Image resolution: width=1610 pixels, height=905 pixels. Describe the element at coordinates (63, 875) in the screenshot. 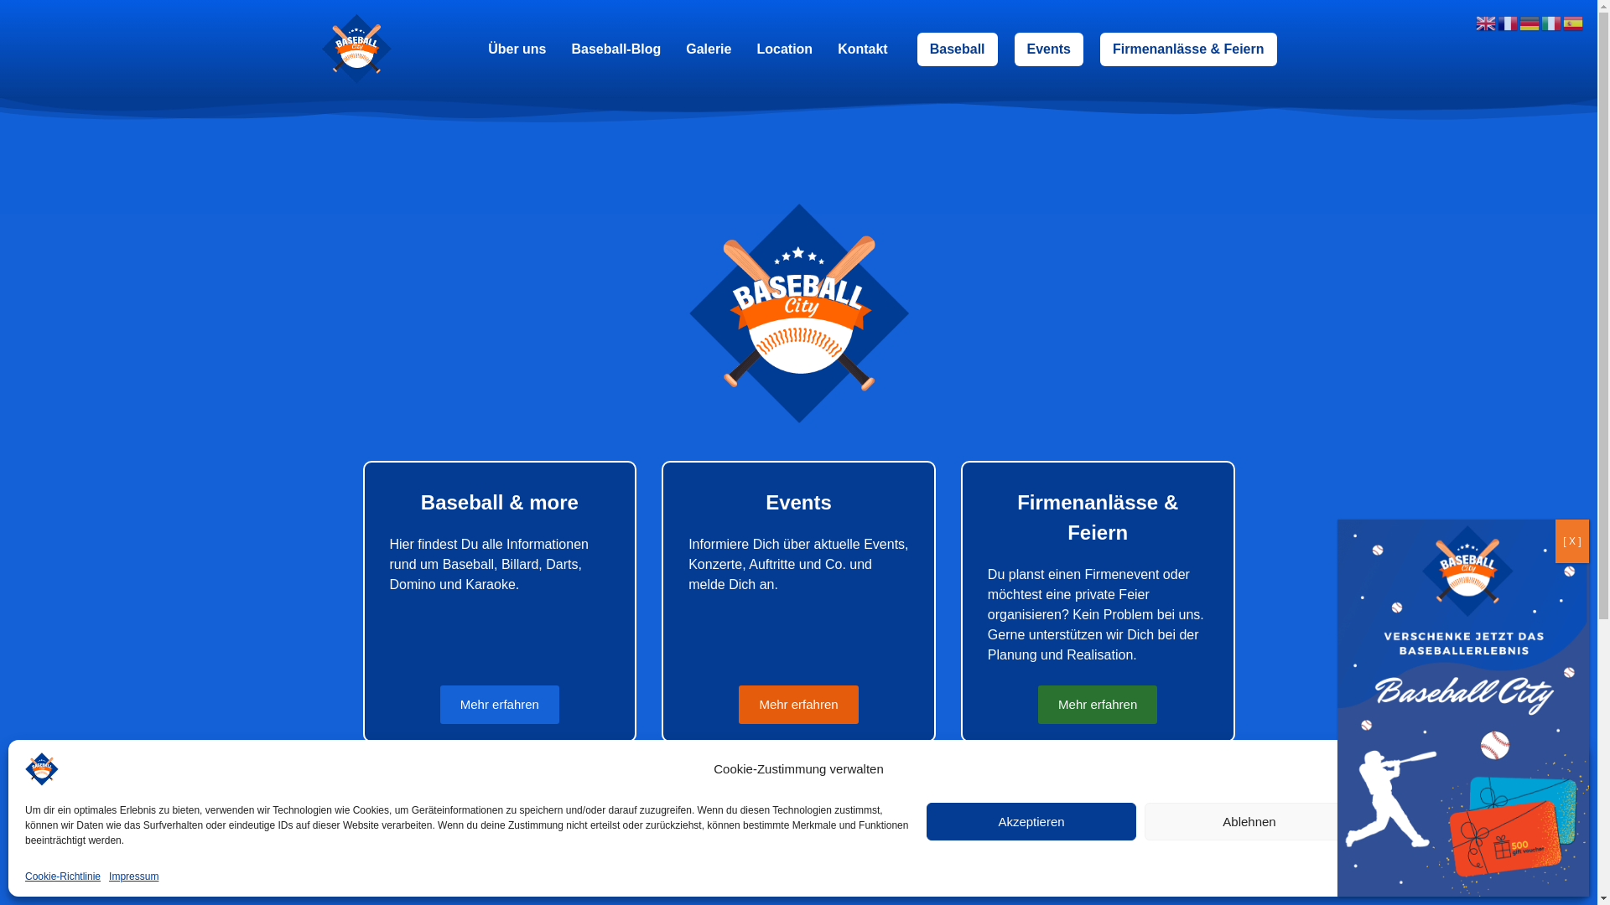

I see `'Cookie-Richtlinie'` at that location.